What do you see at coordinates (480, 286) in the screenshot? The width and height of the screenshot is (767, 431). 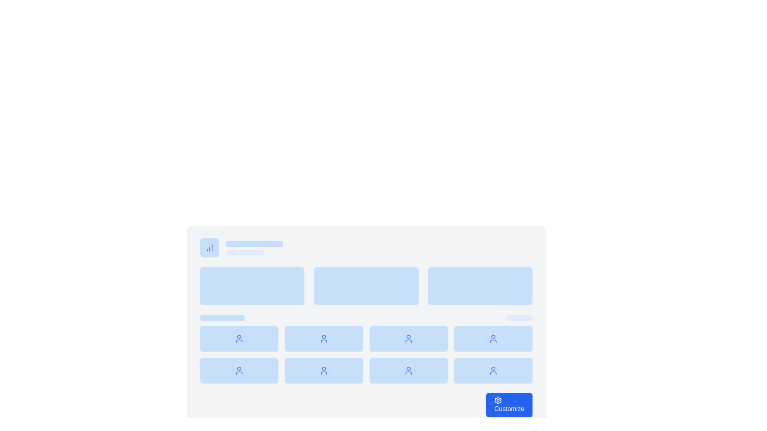 I see `the pulsing animation of the soft blue rectangular placeholder with rounded corners located in the third column of the top row of the grid layout` at bounding box center [480, 286].